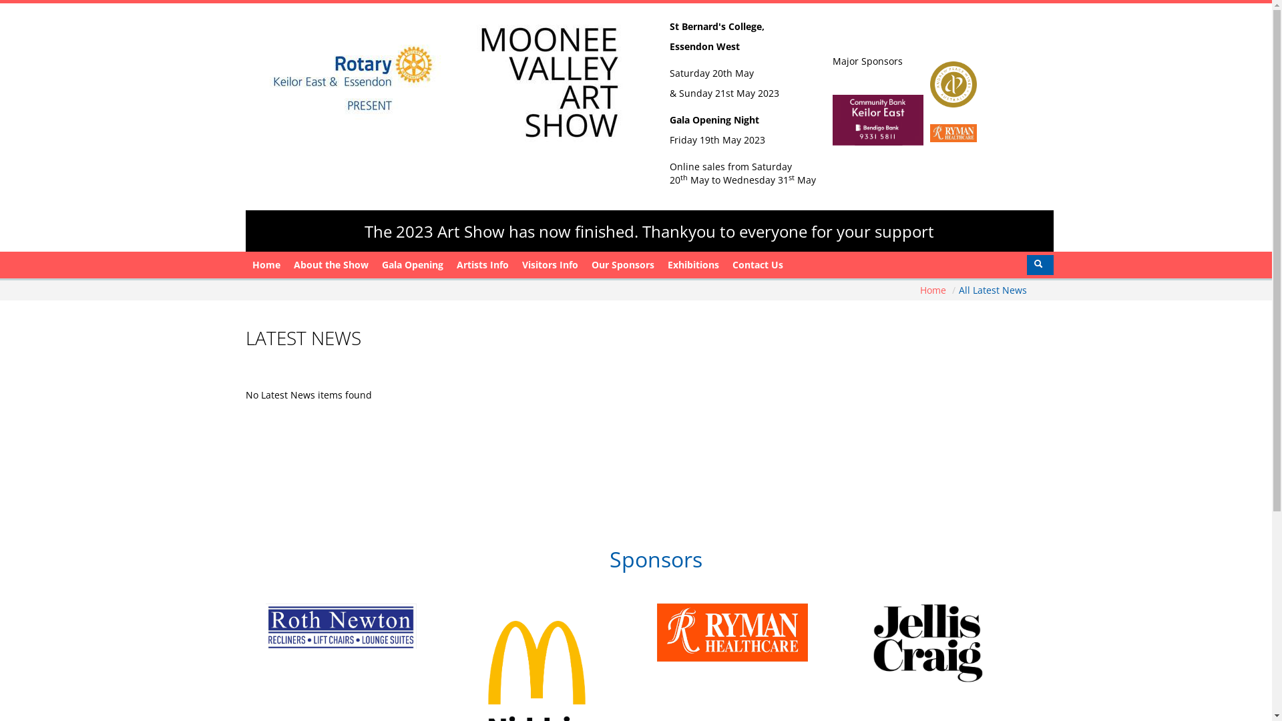 This screenshot has width=1282, height=721. Describe the element at coordinates (949, 642) in the screenshot. I see `'Jellis Craig'` at that location.